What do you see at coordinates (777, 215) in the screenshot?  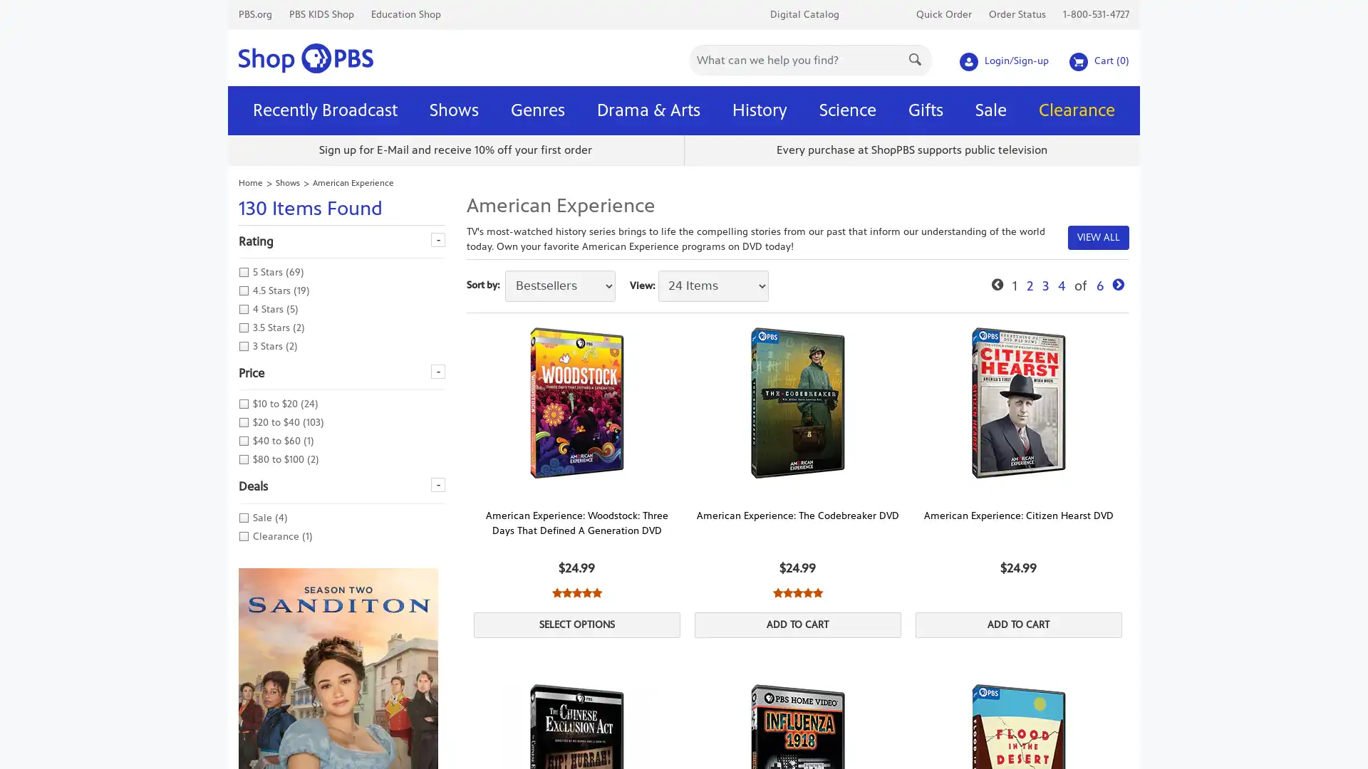 I see `Sign up button` at bounding box center [777, 215].